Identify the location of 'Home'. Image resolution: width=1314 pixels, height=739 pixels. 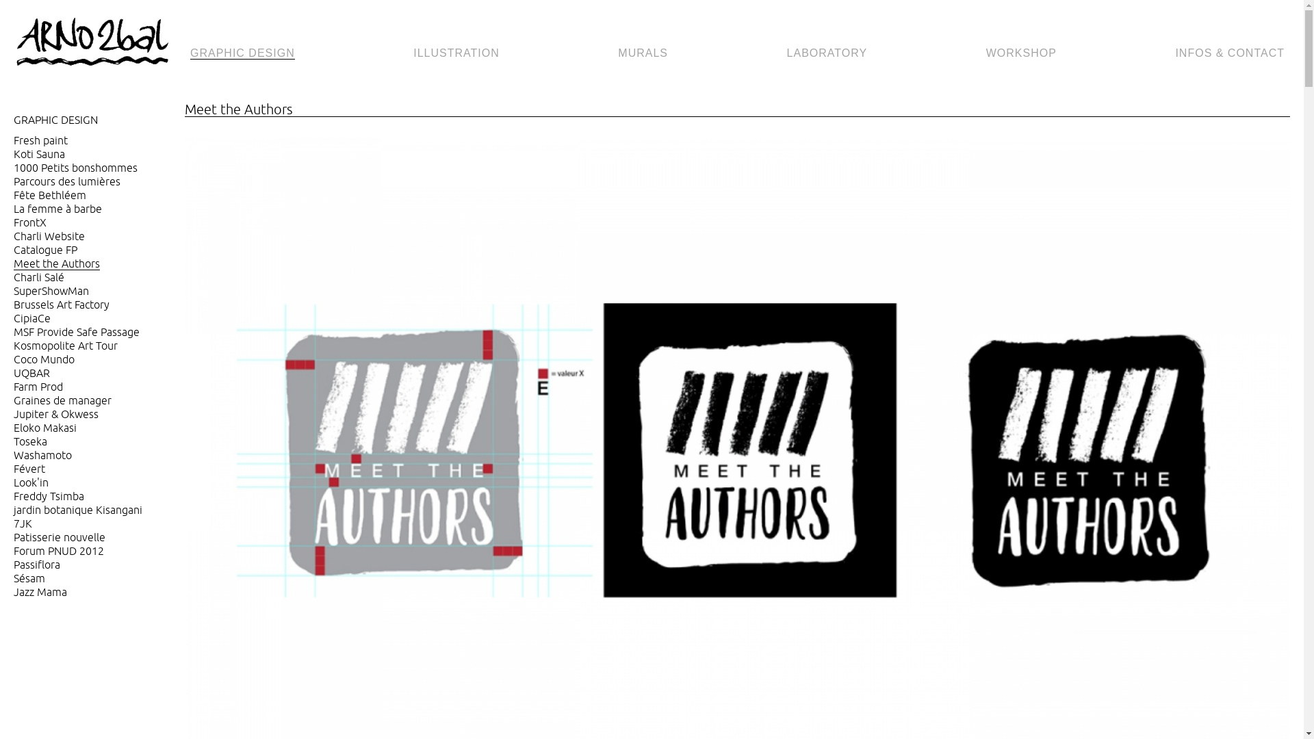
(98, 42).